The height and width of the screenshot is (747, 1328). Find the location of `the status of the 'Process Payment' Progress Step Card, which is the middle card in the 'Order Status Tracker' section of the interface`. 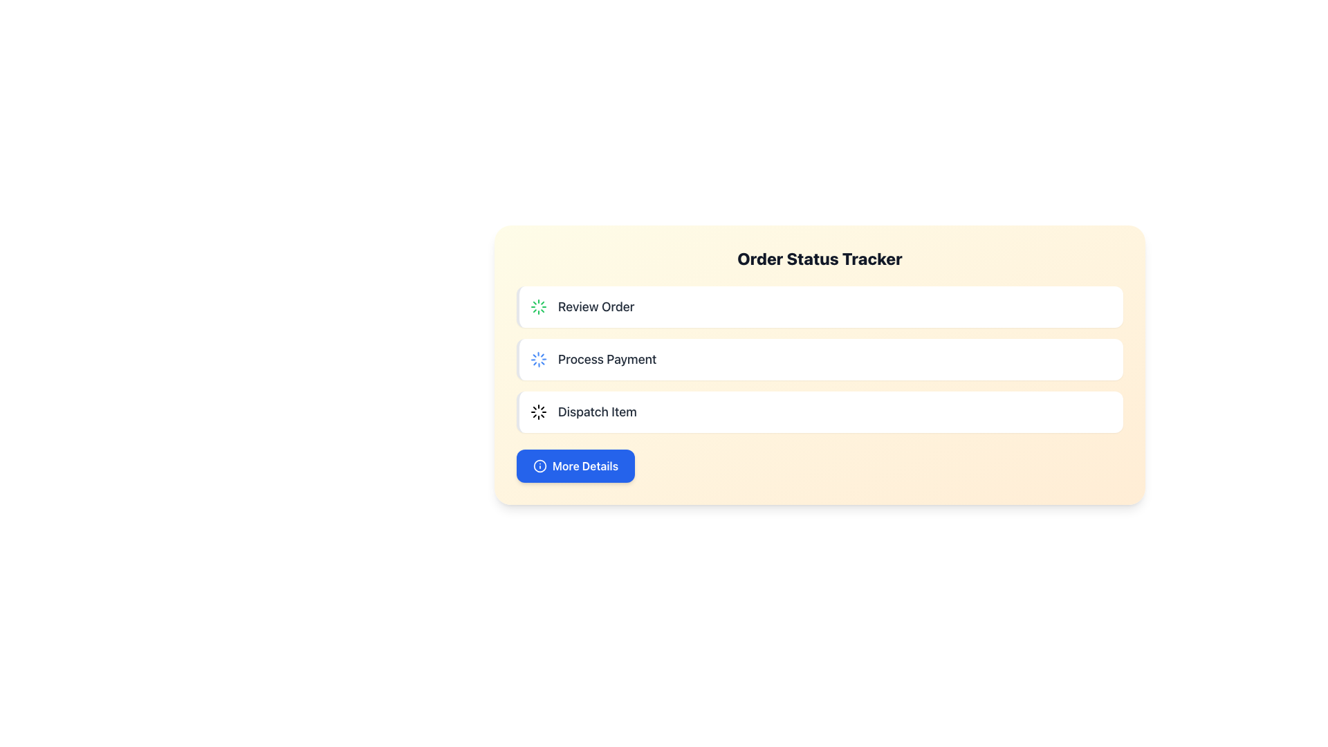

the status of the 'Process Payment' Progress Step Card, which is the middle card in the 'Order Status Tracker' section of the interface is located at coordinates (820, 359).